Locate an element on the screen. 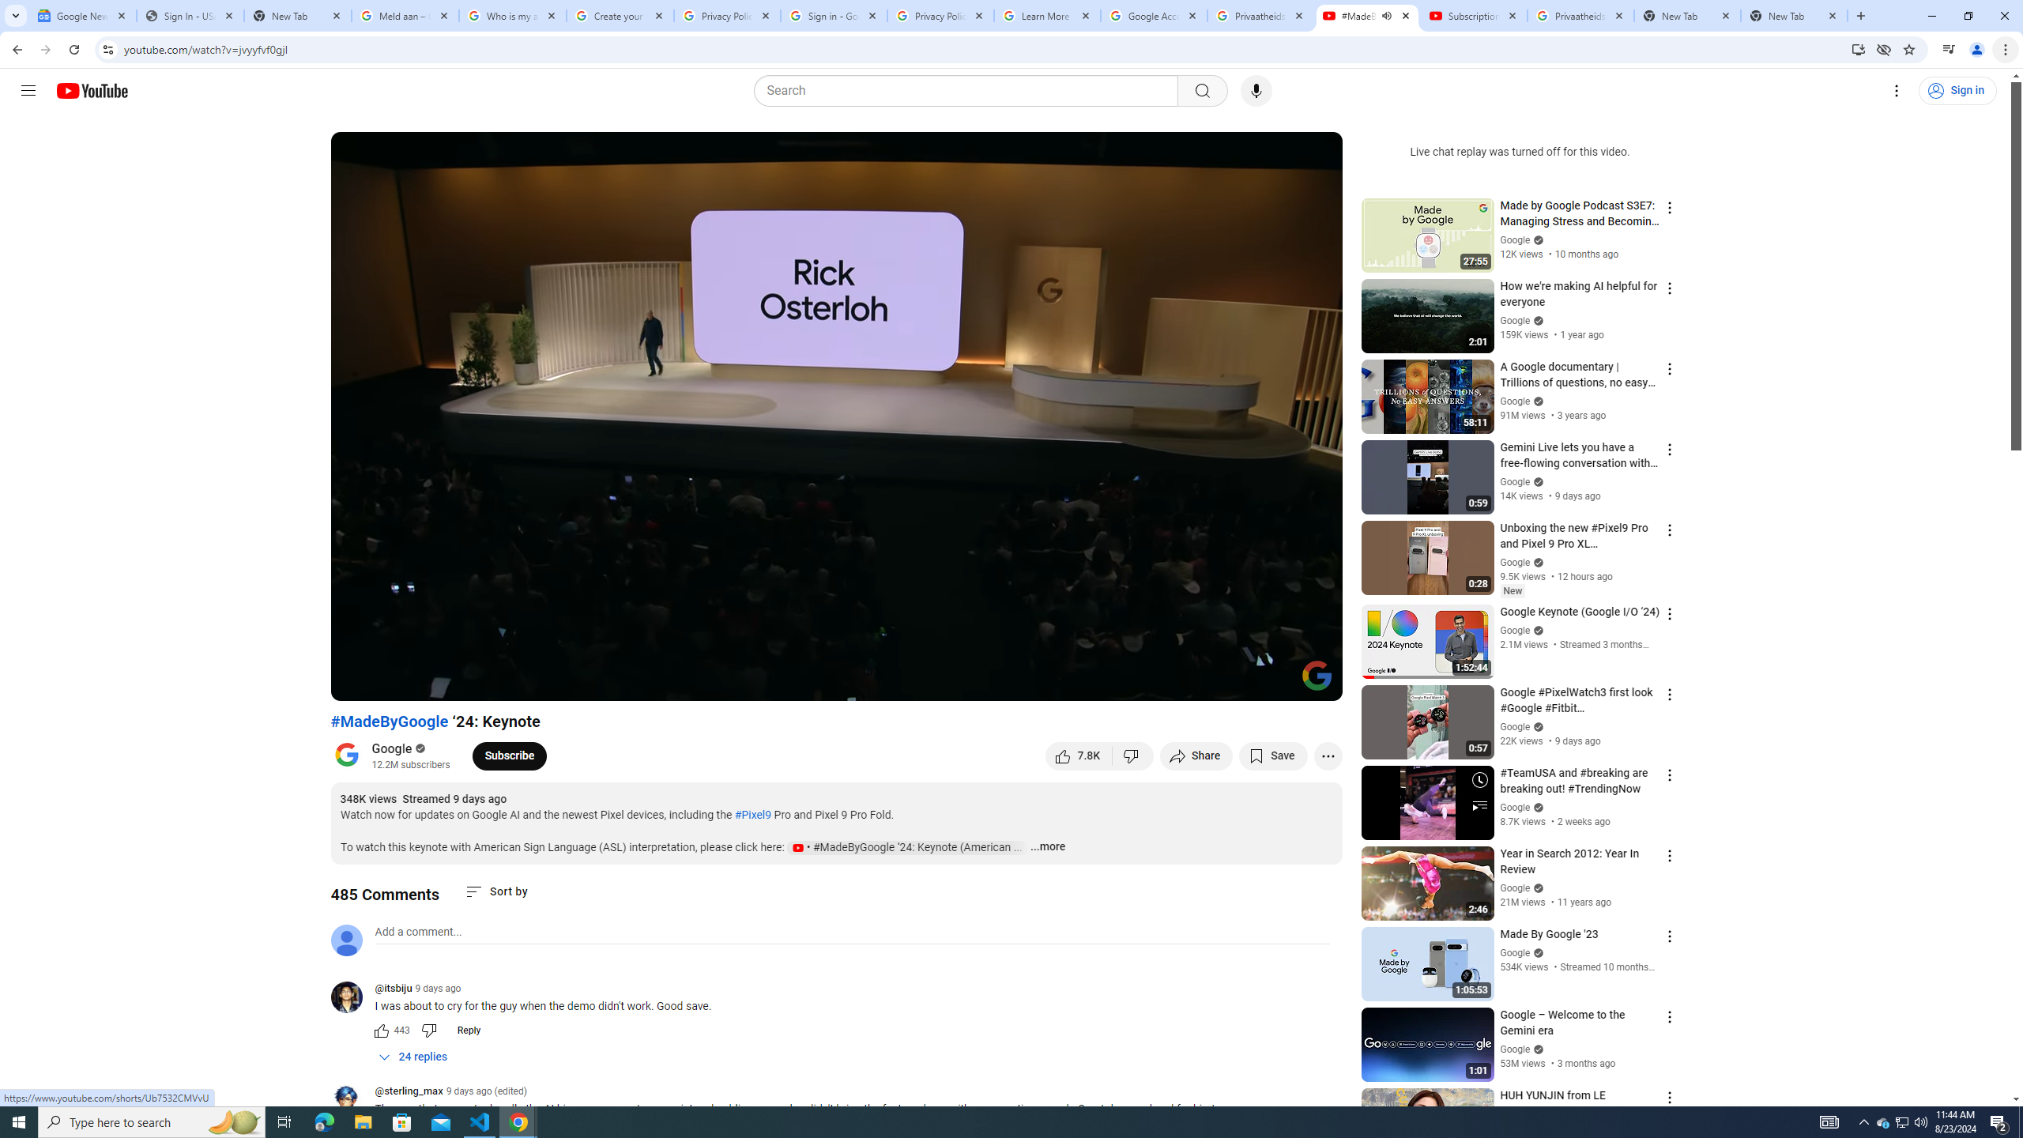 Image resolution: width=2023 pixels, height=1138 pixels. 'Who is my administrator? - Google Account Help' is located at coordinates (512, 15).